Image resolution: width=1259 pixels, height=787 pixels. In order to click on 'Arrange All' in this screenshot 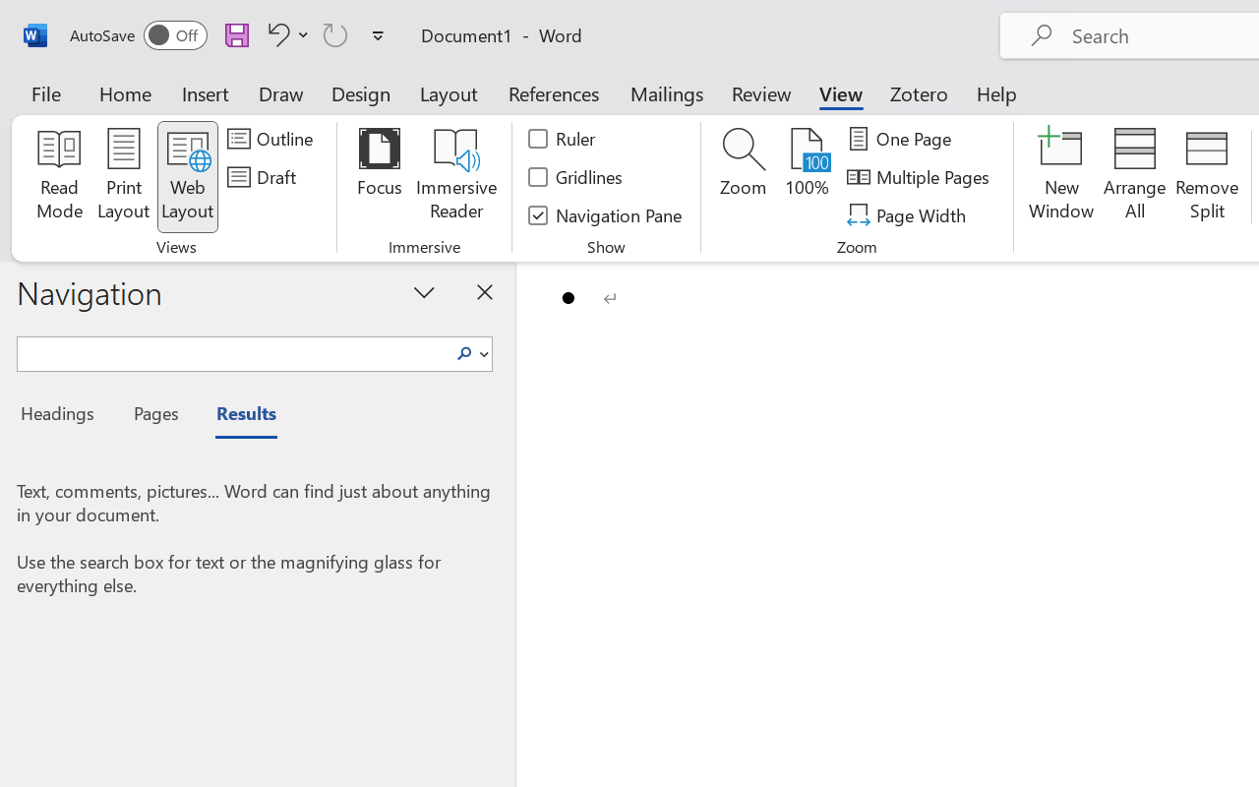, I will do `click(1134, 176)`.